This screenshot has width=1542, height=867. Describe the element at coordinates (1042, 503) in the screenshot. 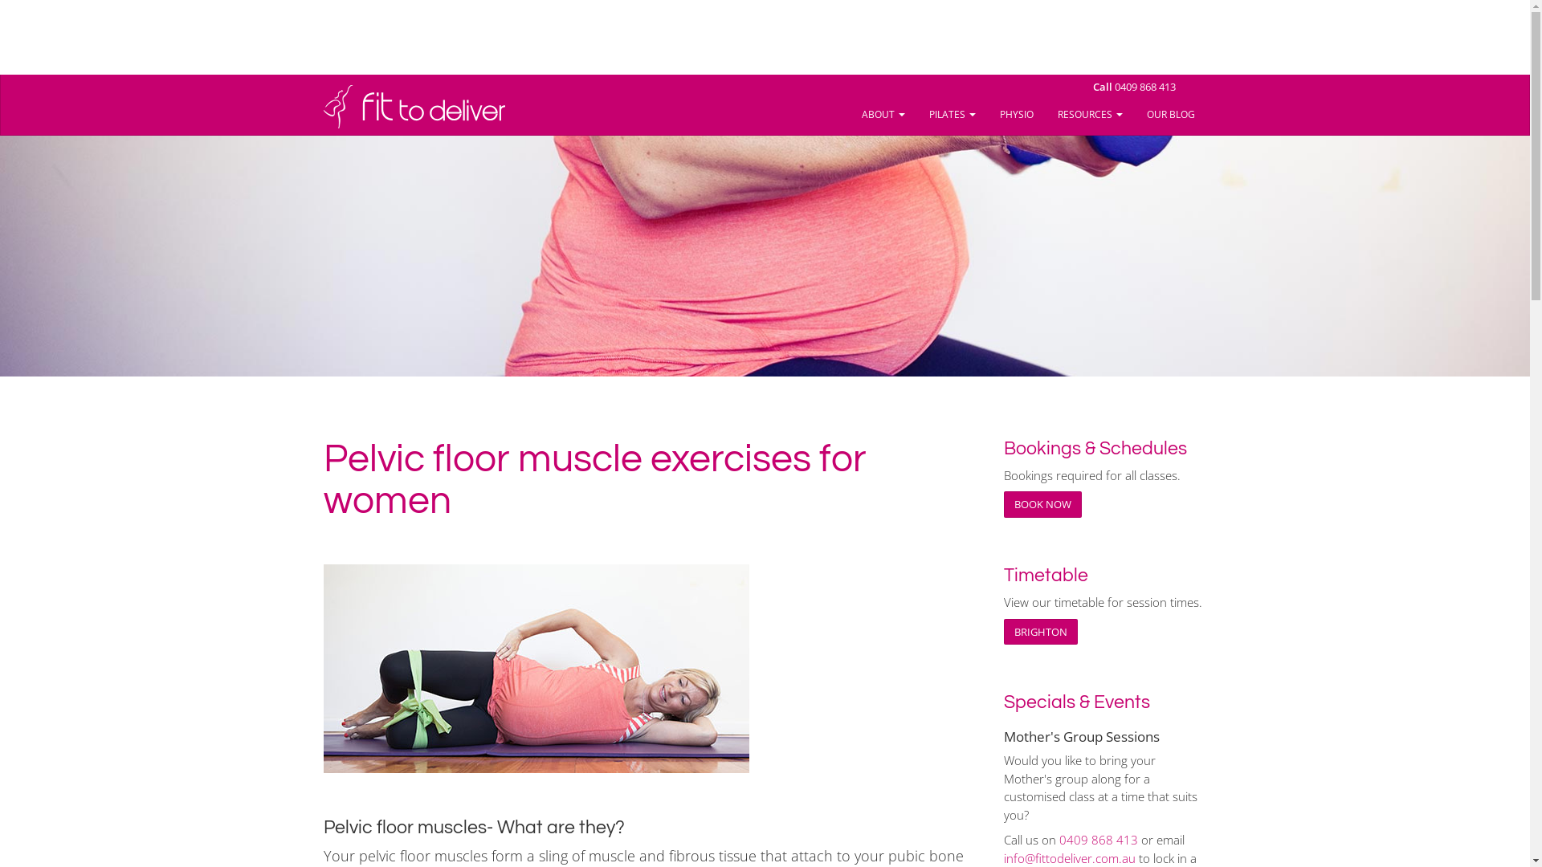

I see `'BOOK NOW'` at that location.